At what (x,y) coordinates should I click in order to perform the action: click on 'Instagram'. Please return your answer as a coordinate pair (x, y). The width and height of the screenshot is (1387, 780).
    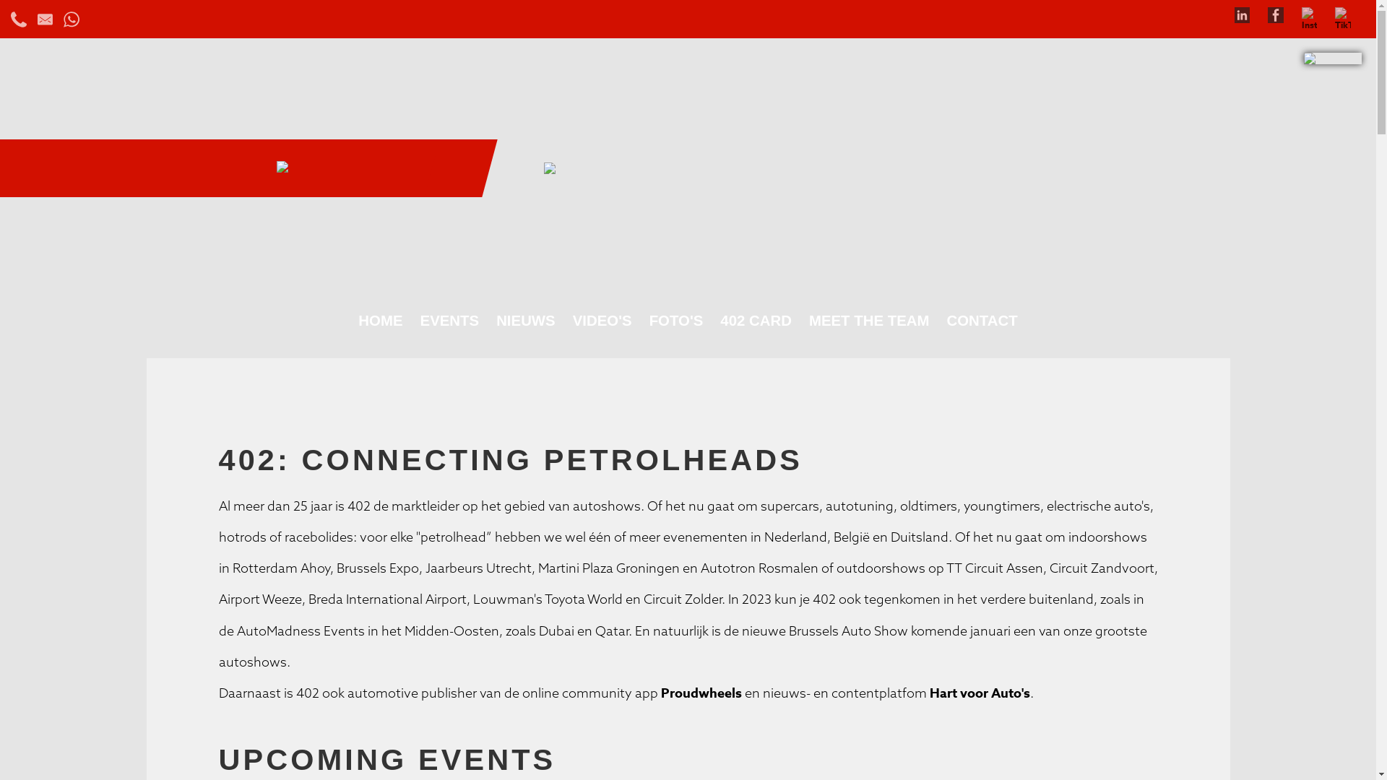
    Looking at the image, I should click on (1310, 13).